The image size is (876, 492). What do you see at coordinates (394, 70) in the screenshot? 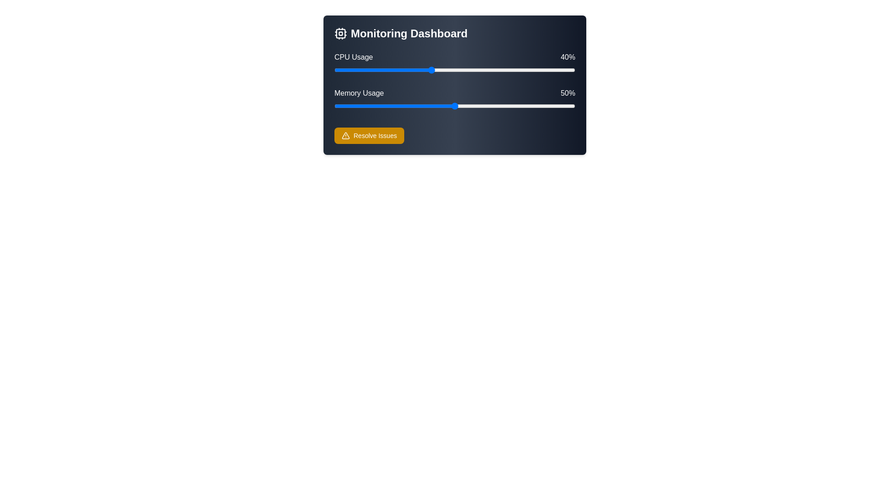
I see `CPU usage` at bounding box center [394, 70].